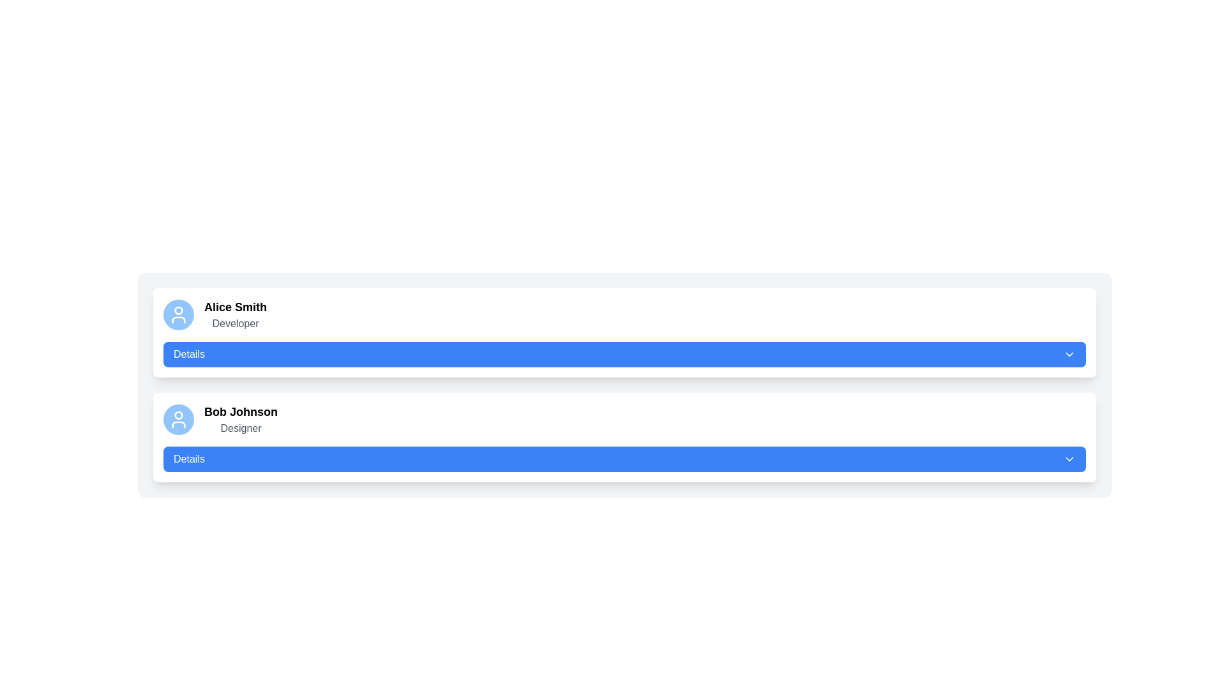 Image resolution: width=1226 pixels, height=690 pixels. I want to click on label content displaying the name of the person associated with the profile in the top-left part of the interface, within the first profile card, so click(236, 307).